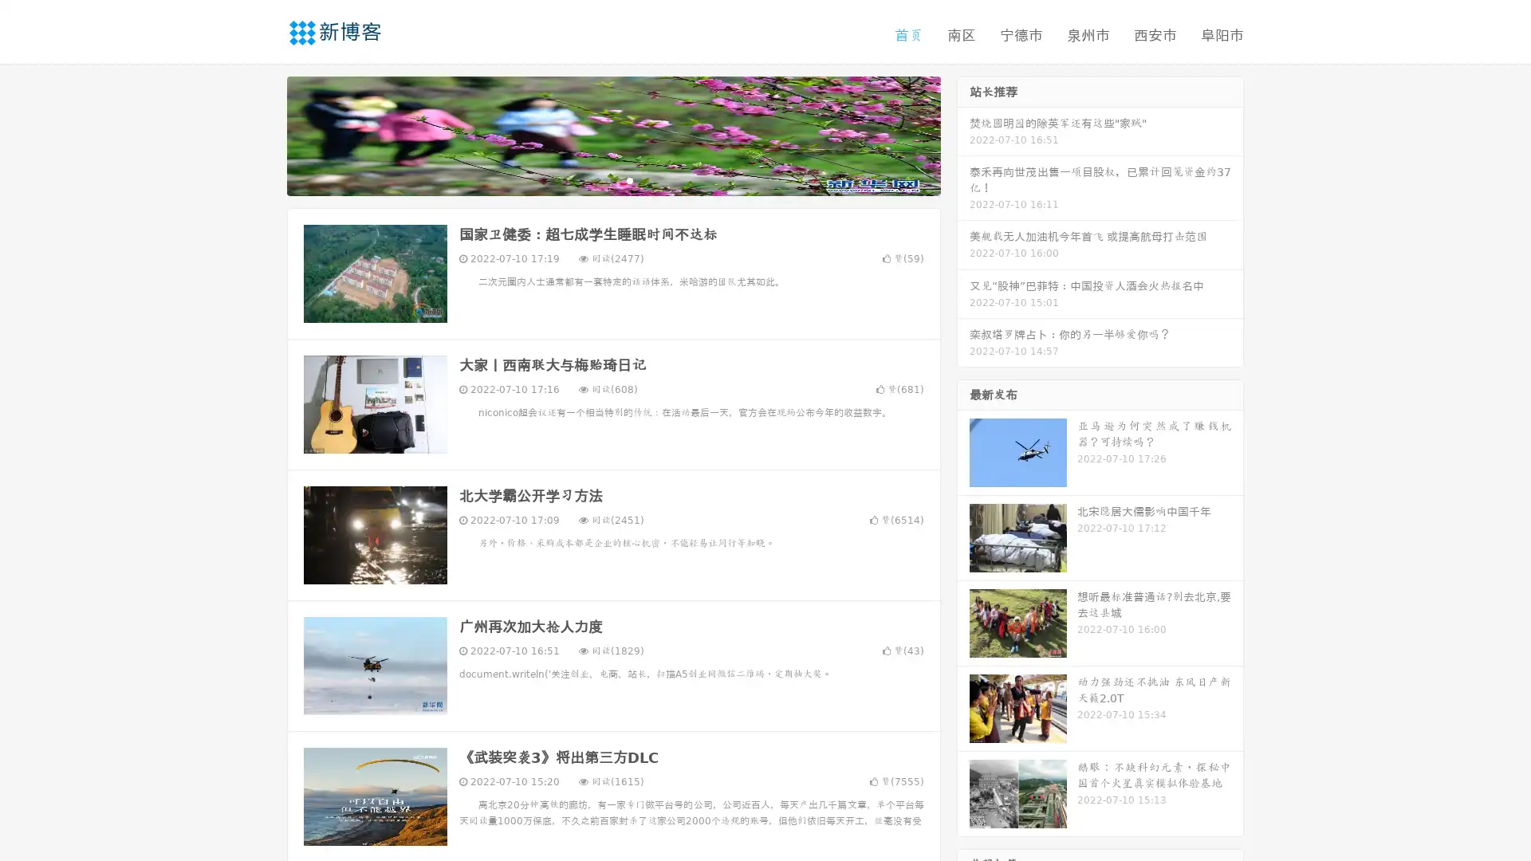 Image resolution: width=1531 pixels, height=861 pixels. Describe the element at coordinates (263, 134) in the screenshot. I see `Previous slide` at that location.